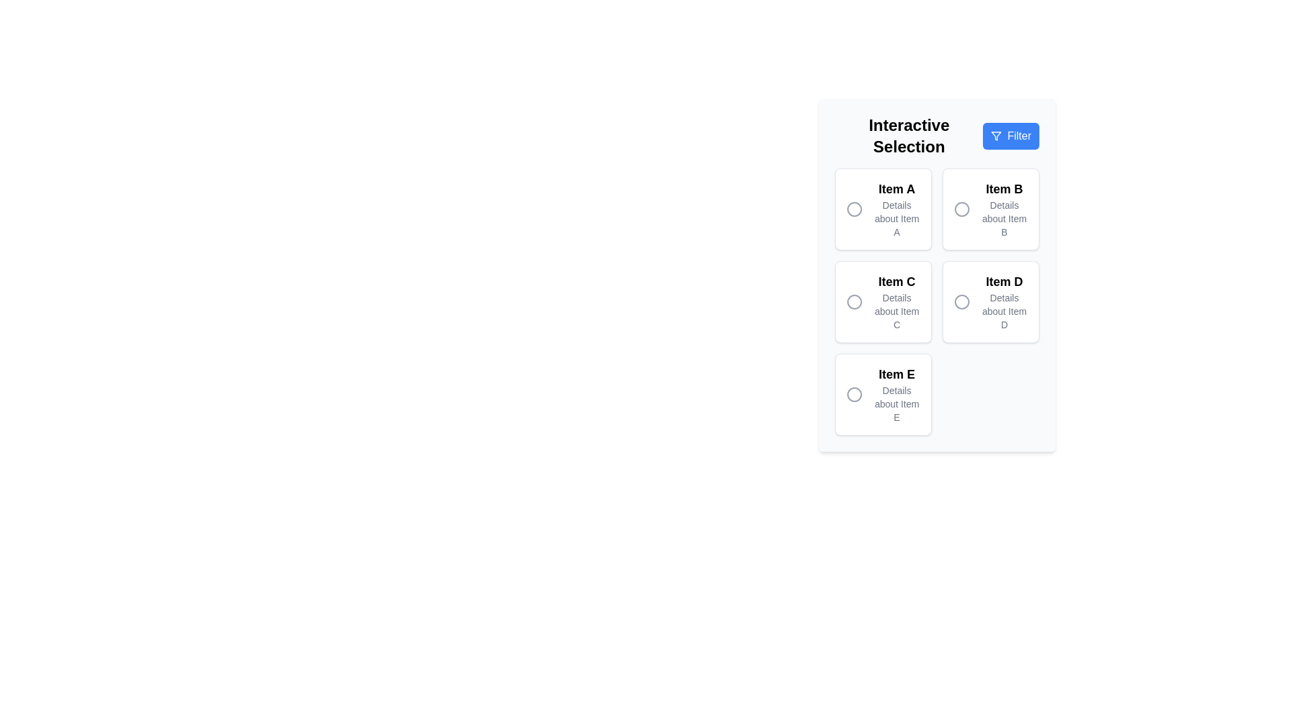 Image resolution: width=1290 pixels, height=725 pixels. What do you see at coordinates (961, 302) in the screenshot?
I see `the radio button associated with 'Item D'` at bounding box center [961, 302].